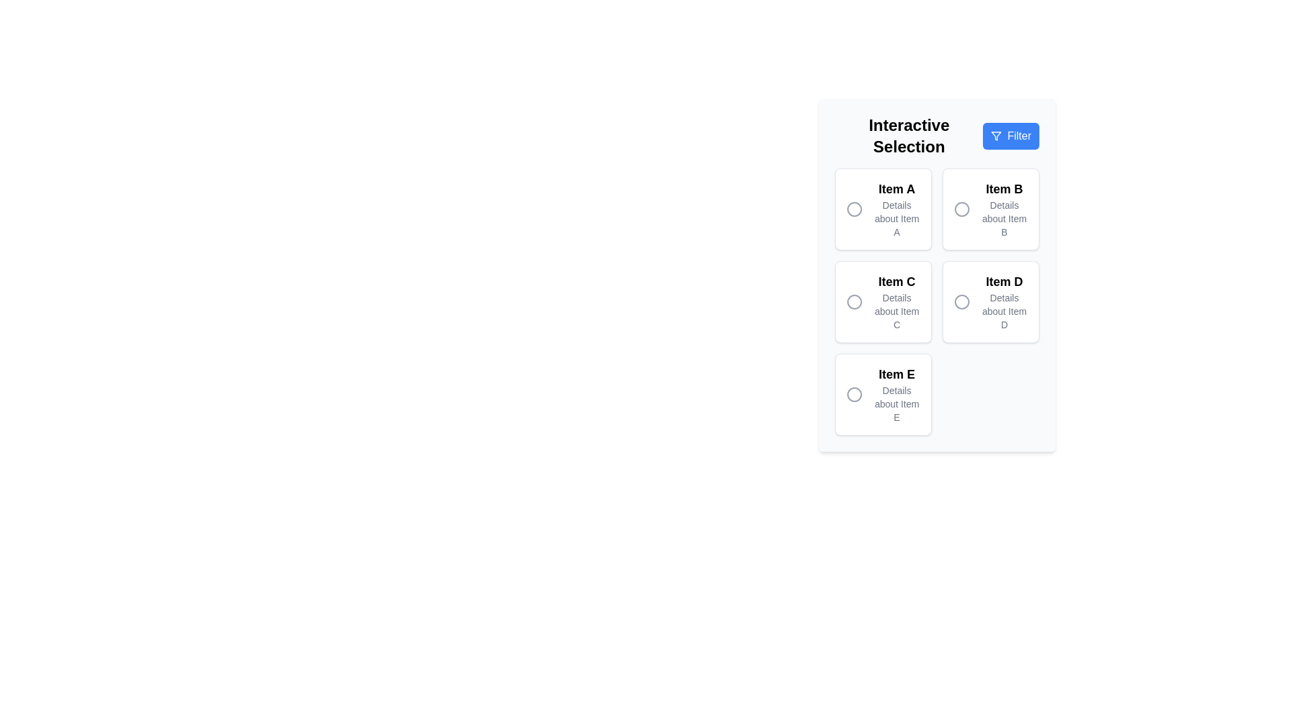 Image resolution: width=1290 pixels, height=725 pixels. What do you see at coordinates (961, 302) in the screenshot?
I see `the radio button associated with 'Item D'` at bounding box center [961, 302].